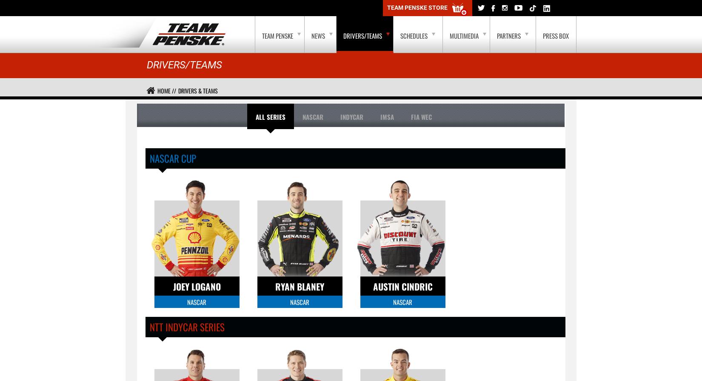  I want to click on 'All Series', so click(269, 116).